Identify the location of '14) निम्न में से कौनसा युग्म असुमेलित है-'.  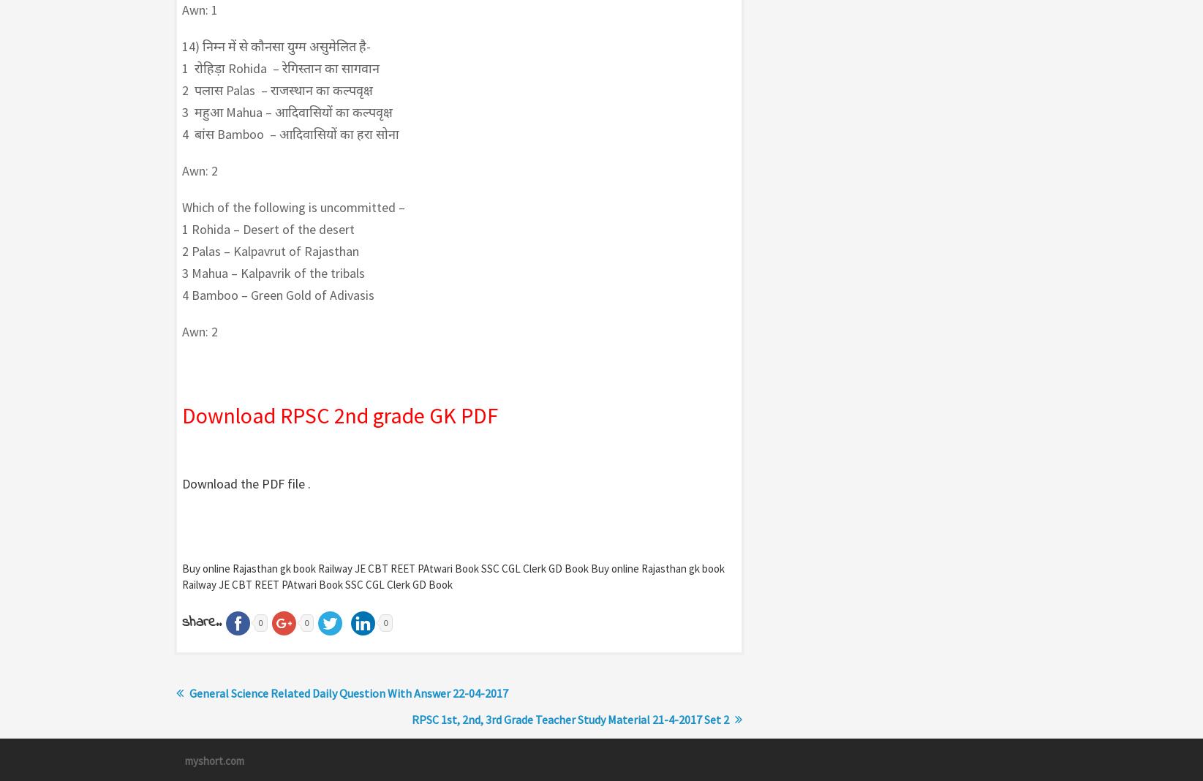
(275, 45).